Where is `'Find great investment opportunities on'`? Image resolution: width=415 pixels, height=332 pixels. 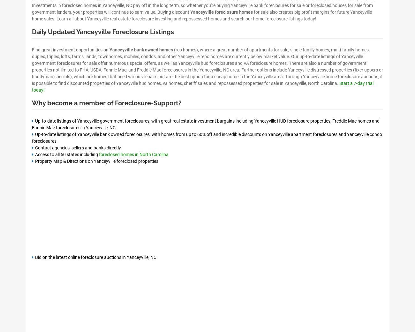
'Find great investment opportunities on' is located at coordinates (70, 49).